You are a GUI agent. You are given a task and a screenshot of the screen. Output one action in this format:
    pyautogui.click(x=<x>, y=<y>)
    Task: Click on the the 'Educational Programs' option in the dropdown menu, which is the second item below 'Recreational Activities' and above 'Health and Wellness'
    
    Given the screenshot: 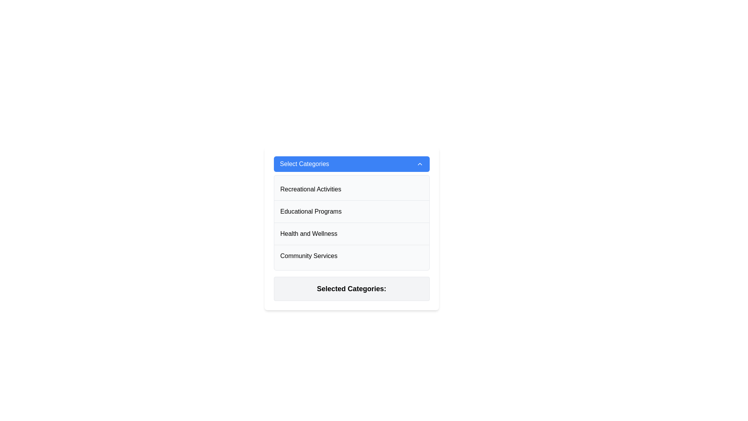 What is the action you would take?
    pyautogui.click(x=351, y=223)
    